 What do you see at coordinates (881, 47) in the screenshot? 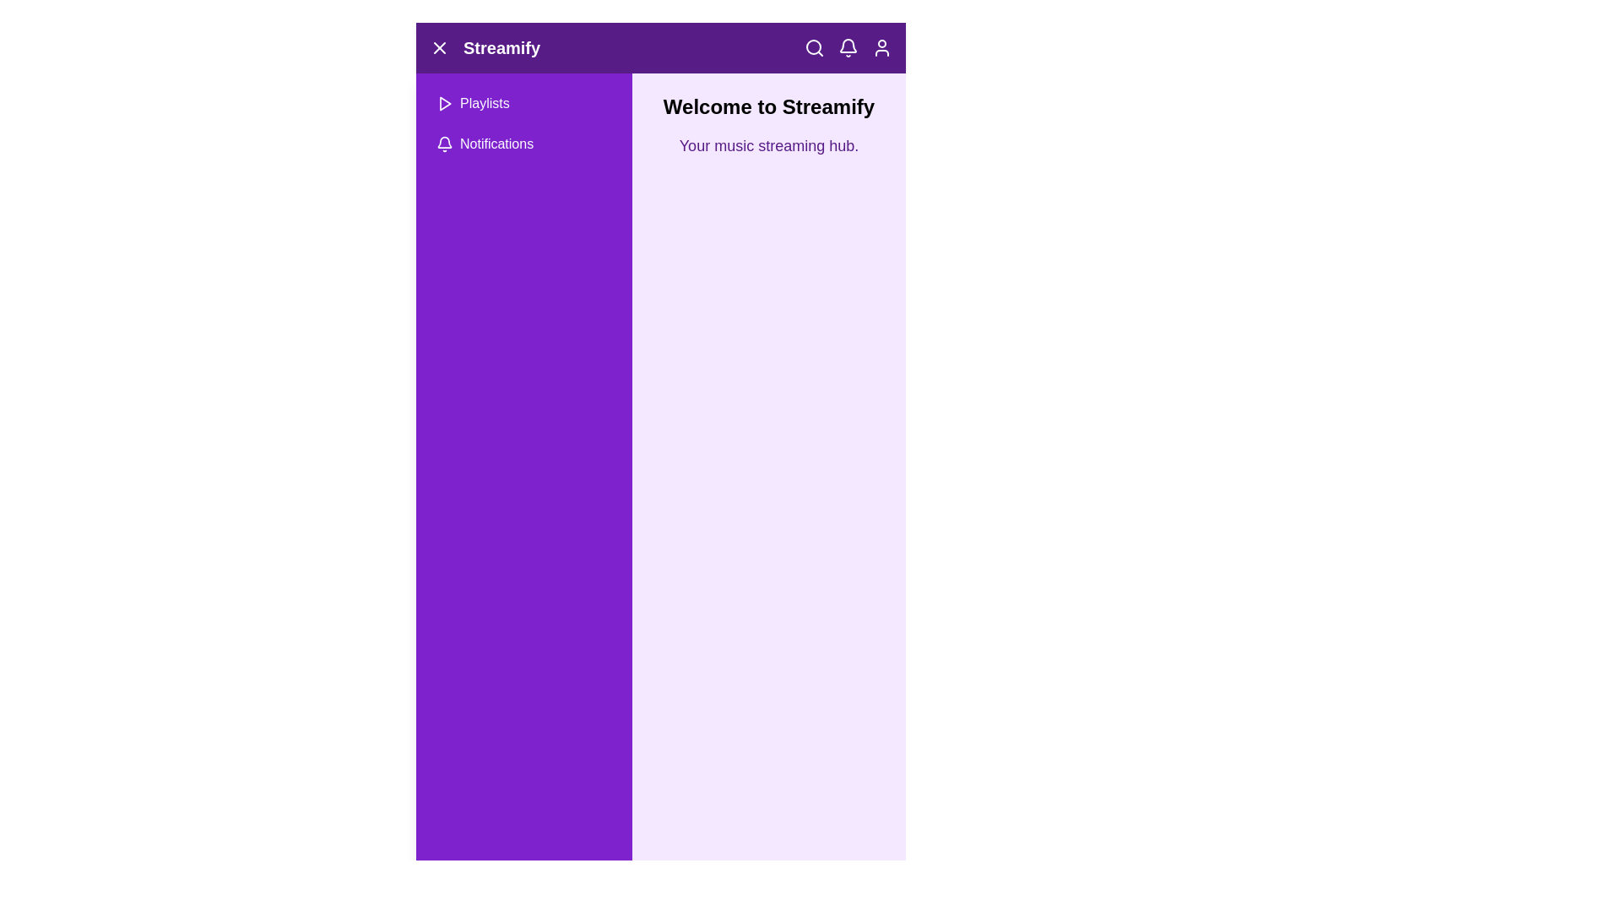
I see `the user profile icon located in the top-right corner of the application header` at bounding box center [881, 47].